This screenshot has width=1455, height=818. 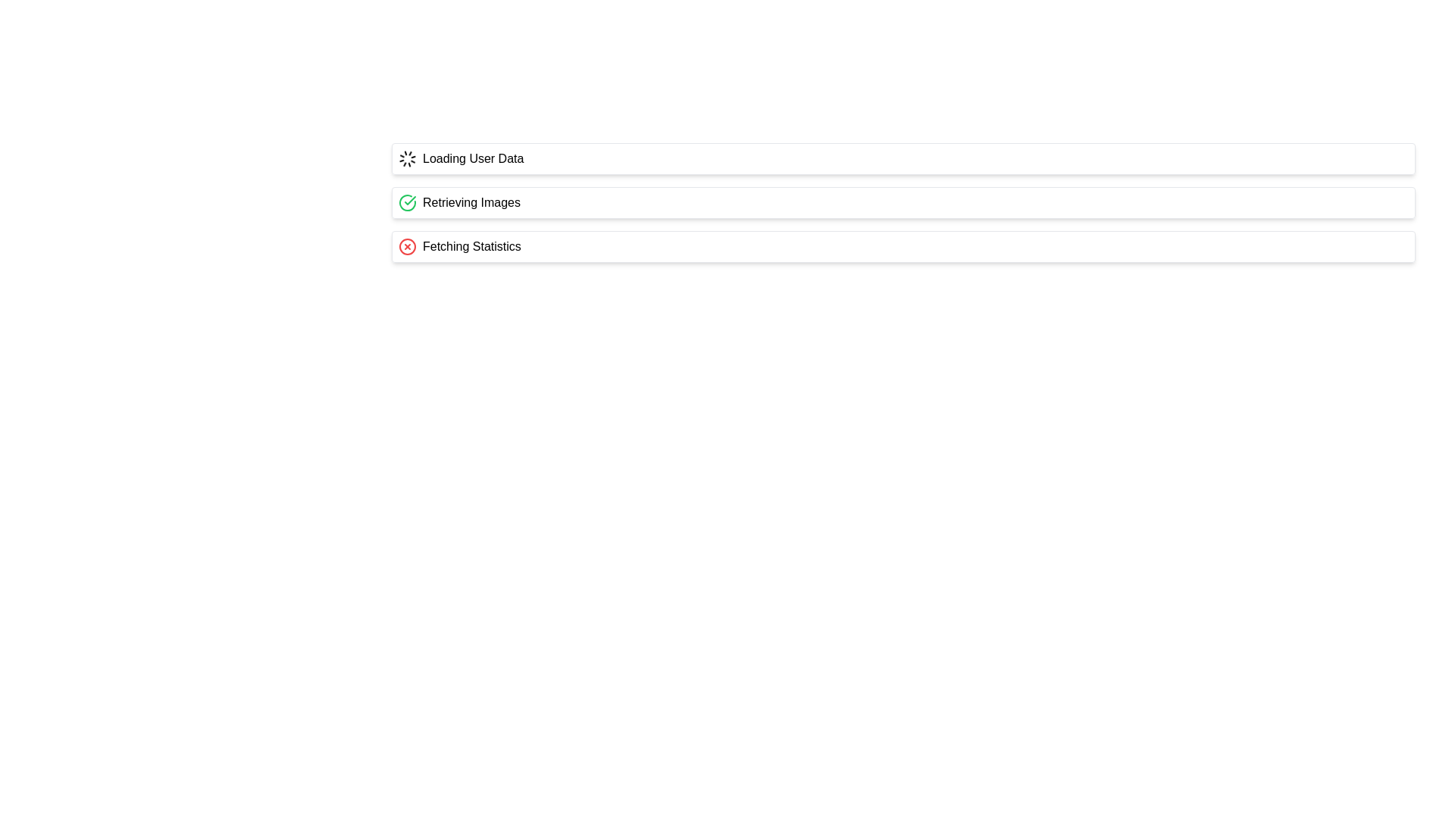 What do you see at coordinates (458, 201) in the screenshot?
I see `the label with the green circular icon and the text 'Retrieving Images', which is the second item in a vertical list of status elements` at bounding box center [458, 201].